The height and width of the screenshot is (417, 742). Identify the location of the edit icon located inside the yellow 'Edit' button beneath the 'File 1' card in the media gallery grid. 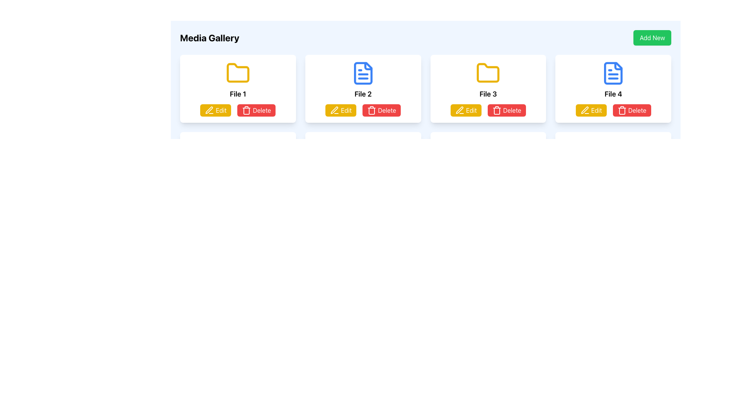
(209, 110).